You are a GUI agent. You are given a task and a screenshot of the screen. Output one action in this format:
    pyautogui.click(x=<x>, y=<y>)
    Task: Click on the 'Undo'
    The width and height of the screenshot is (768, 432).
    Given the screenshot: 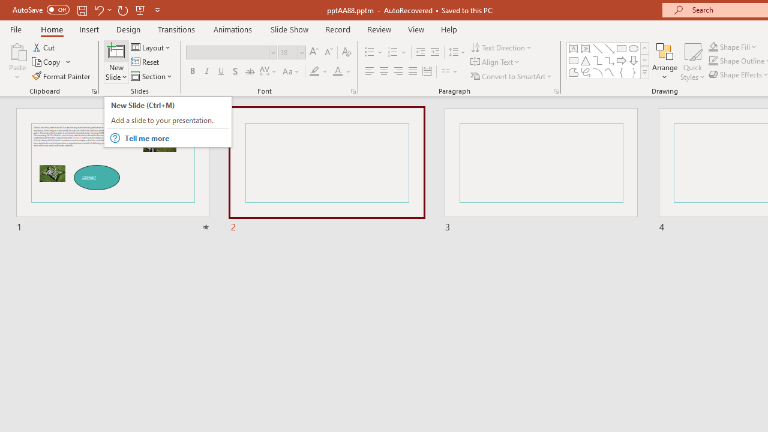 What is the action you would take?
    pyautogui.click(x=98, y=10)
    